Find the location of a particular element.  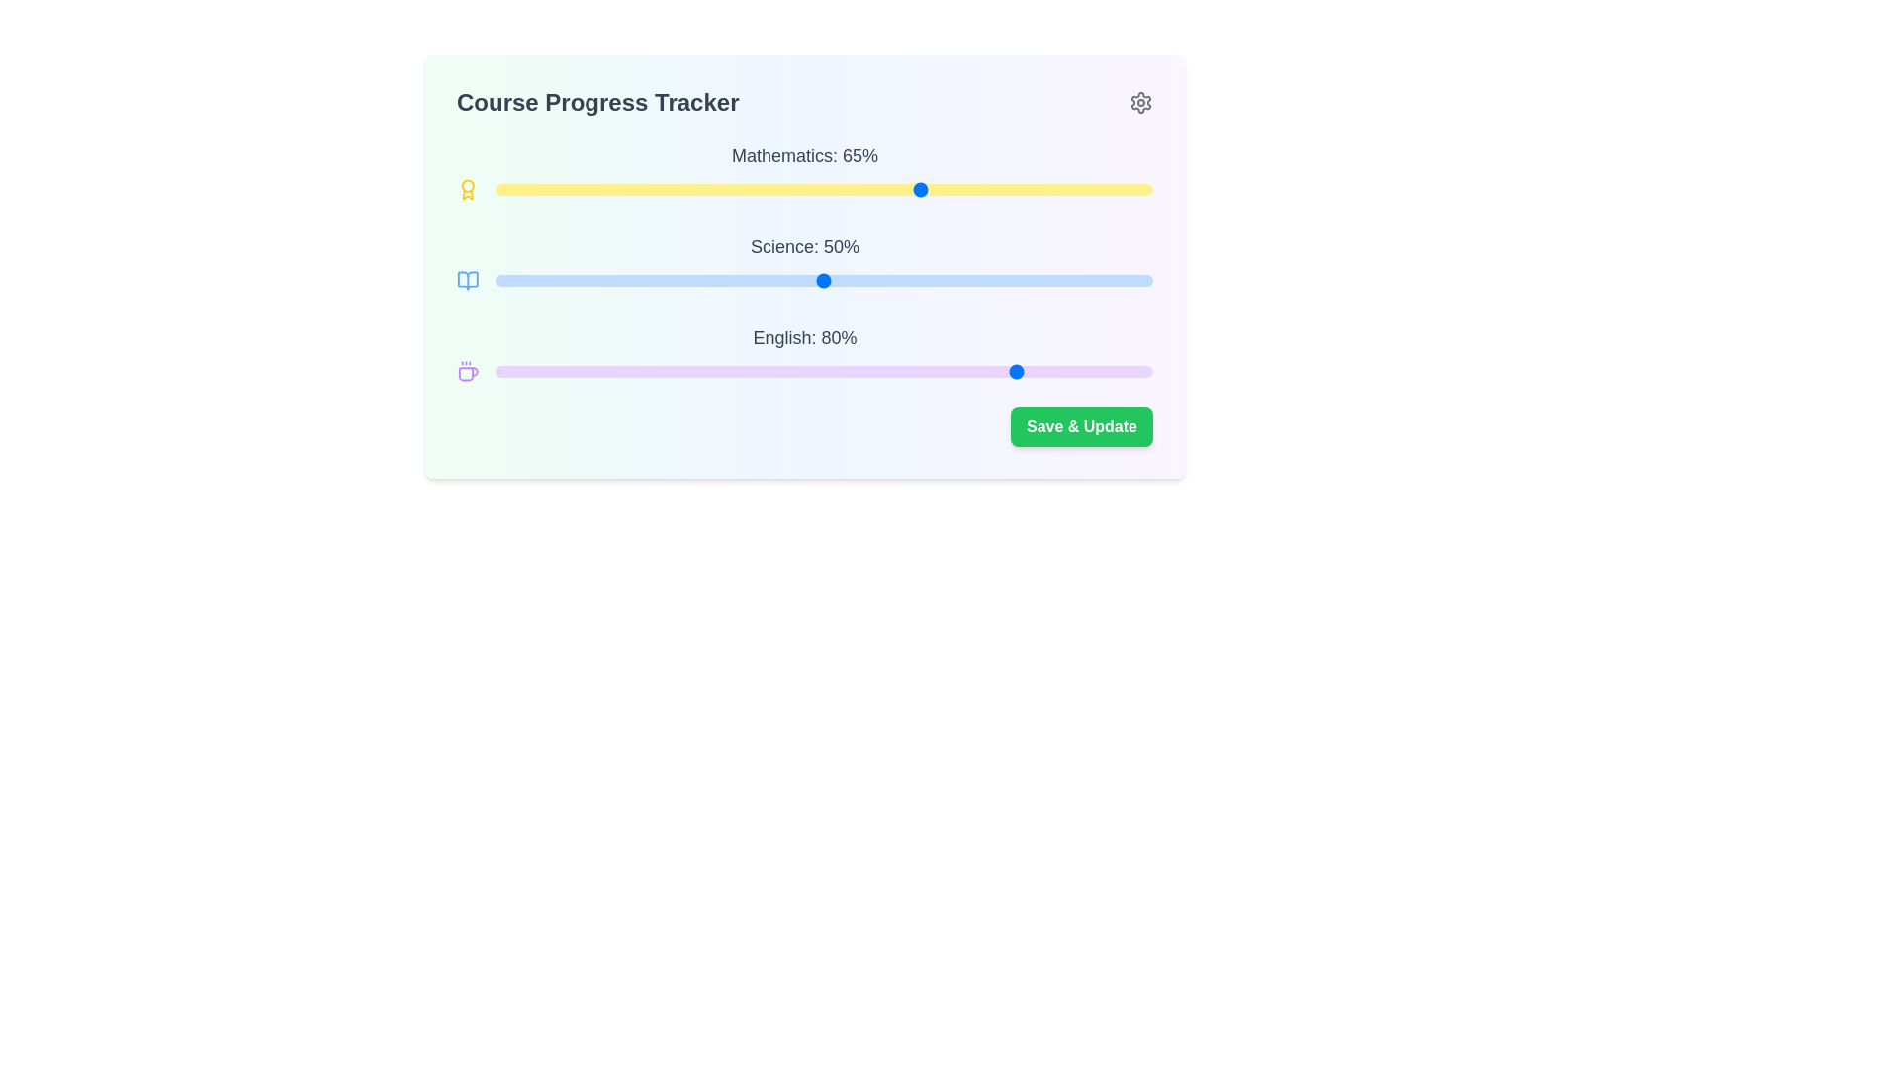

the Science progress slider is located at coordinates (553, 281).